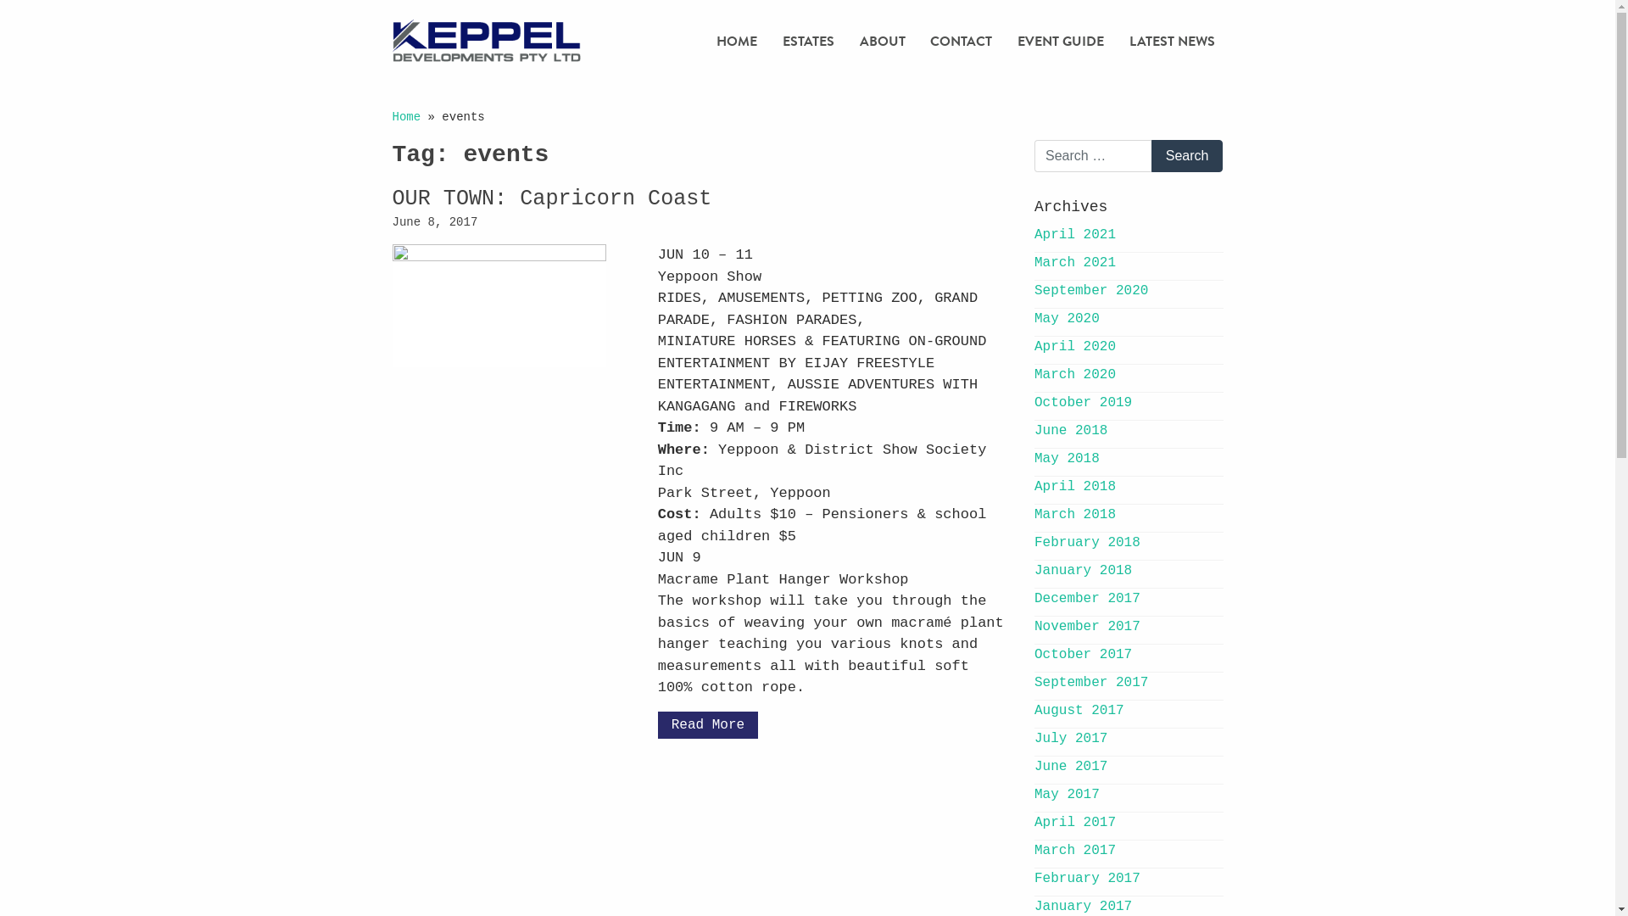 The image size is (1628, 916). Describe the element at coordinates (1171, 40) in the screenshot. I see `'LATEST NEWS'` at that location.